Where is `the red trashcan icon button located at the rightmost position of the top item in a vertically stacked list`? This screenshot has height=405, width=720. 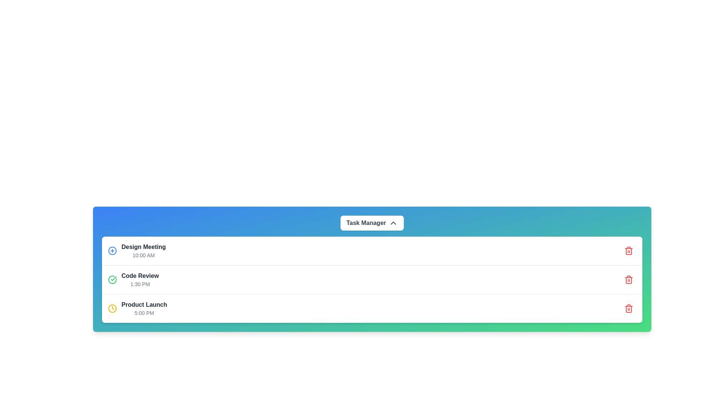 the red trashcan icon button located at the rightmost position of the top item in a vertically stacked list is located at coordinates (628, 250).